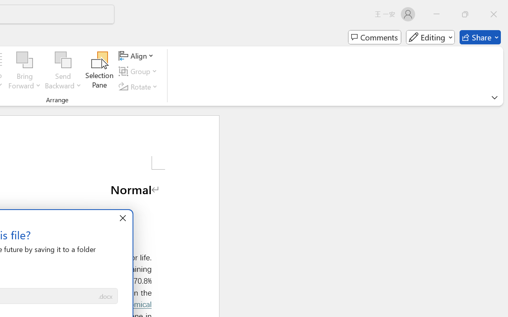 This screenshot has height=317, width=508. Describe the element at coordinates (63, 71) in the screenshot. I see `'Send Backward'` at that location.